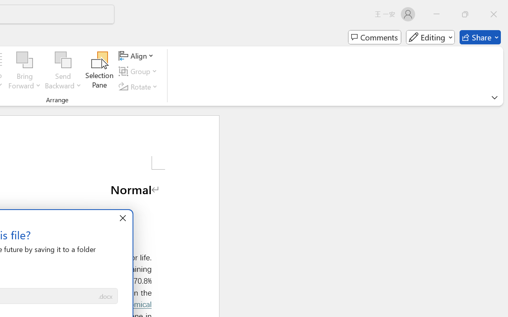 This screenshot has height=317, width=508. Describe the element at coordinates (63, 71) in the screenshot. I see `'Send Backward'` at that location.